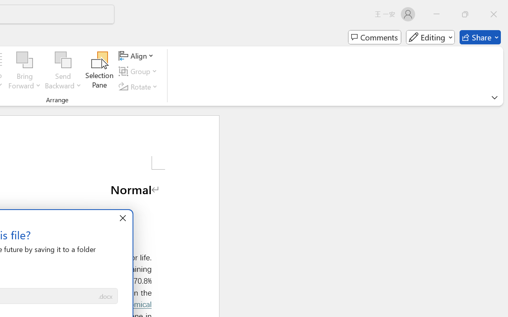 This screenshot has height=317, width=508. Describe the element at coordinates (63, 71) in the screenshot. I see `'Send Backward'` at that location.